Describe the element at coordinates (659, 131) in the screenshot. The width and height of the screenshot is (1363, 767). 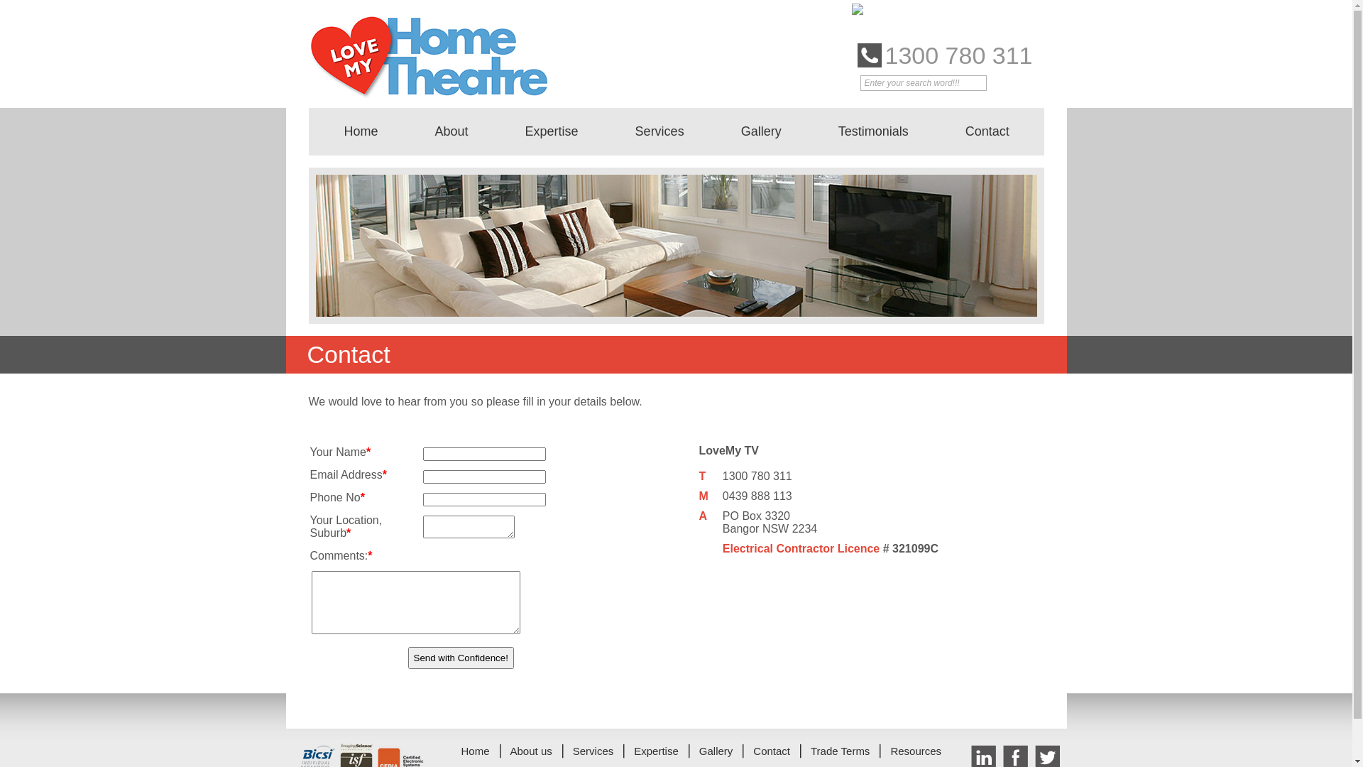
I see `'Services'` at that location.